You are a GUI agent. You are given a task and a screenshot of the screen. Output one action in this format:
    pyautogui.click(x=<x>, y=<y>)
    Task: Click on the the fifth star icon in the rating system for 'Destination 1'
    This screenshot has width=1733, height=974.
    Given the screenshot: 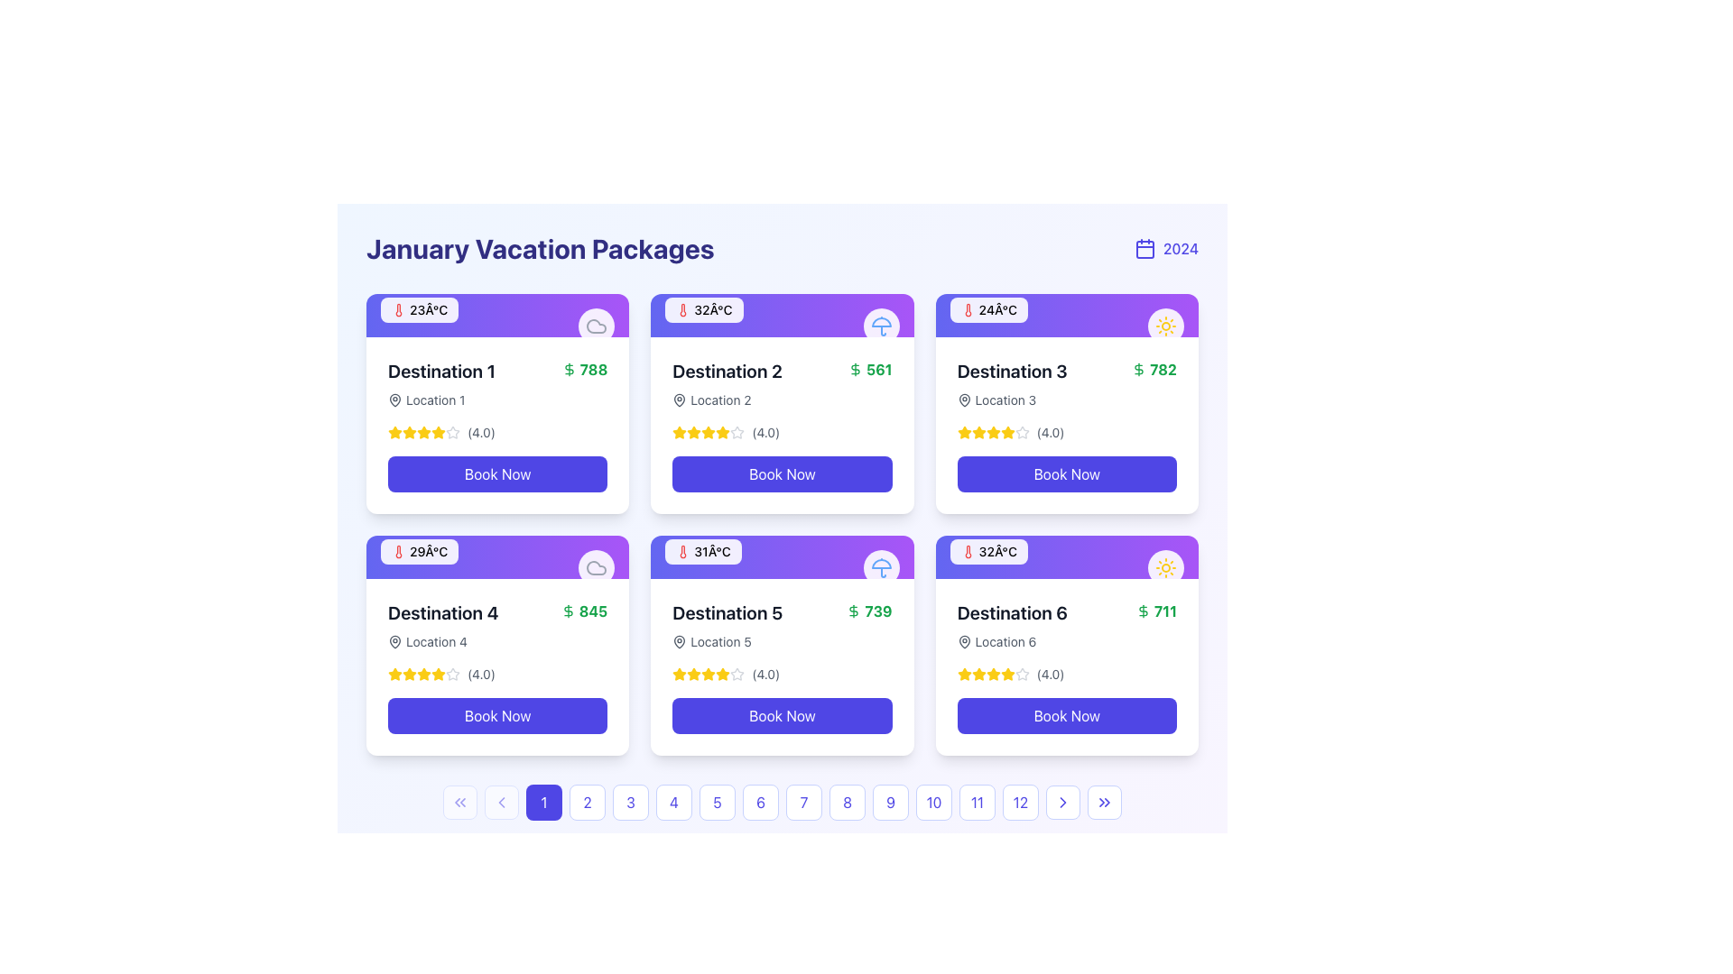 What is the action you would take?
    pyautogui.click(x=453, y=432)
    